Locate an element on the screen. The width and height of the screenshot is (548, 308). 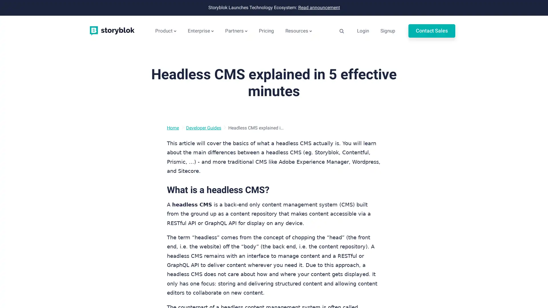
Resources is located at coordinates (298, 31).